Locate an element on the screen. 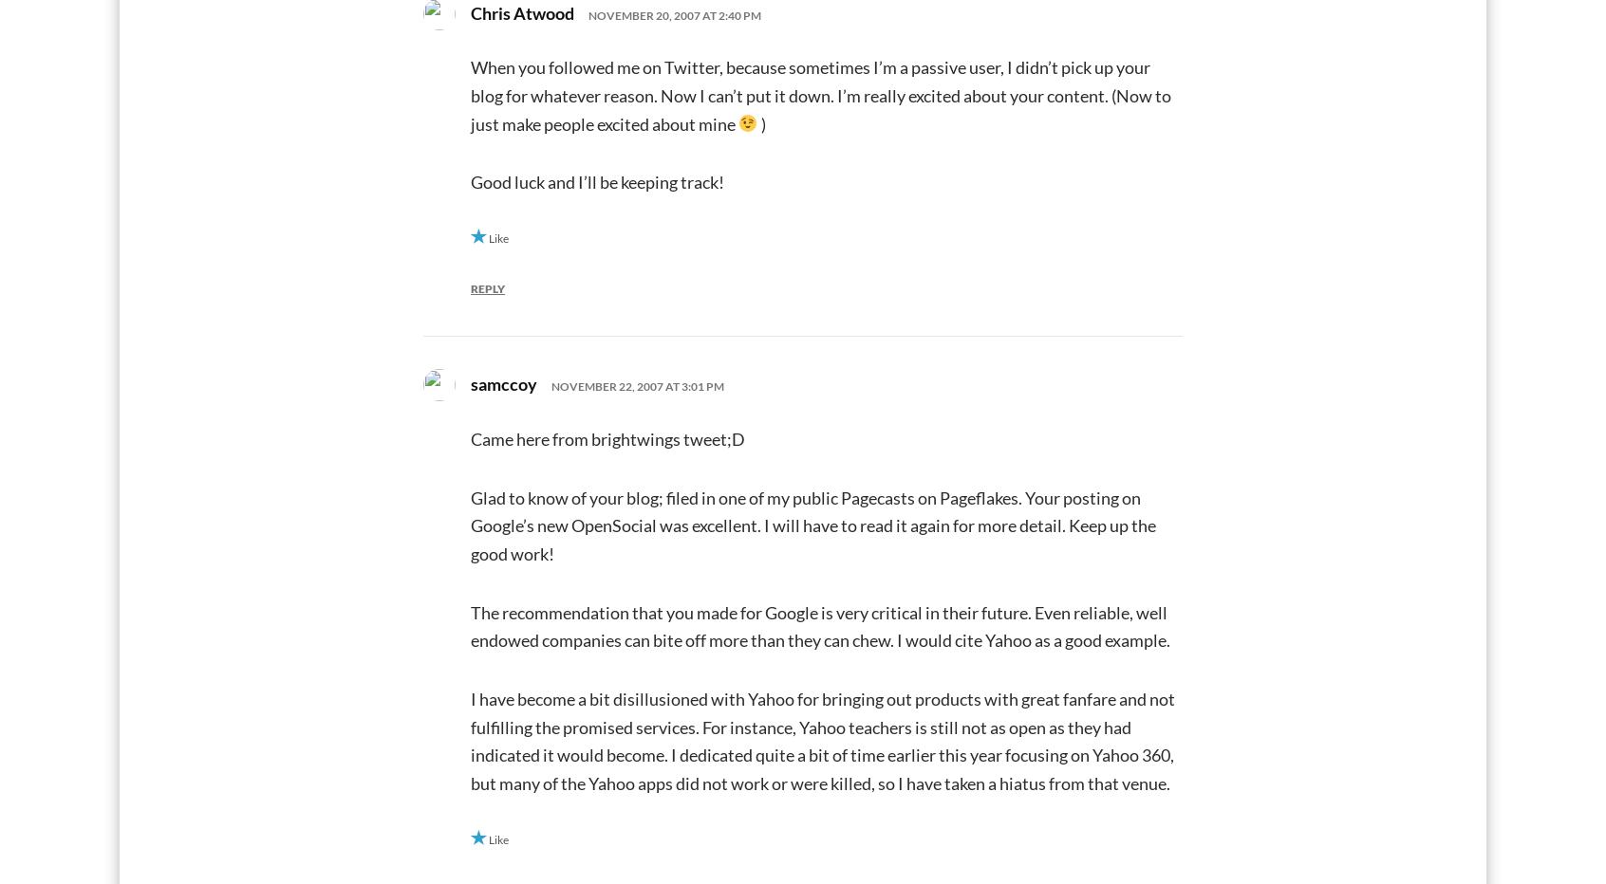  'When you followed me on Twitter, because sometimes I’m a passive user, I didn’t pick up your blog for whatever reason. Now I can’t put it down. I’m really excited about your content. (Now to just make people excited about mine' is located at coordinates (819, 95).